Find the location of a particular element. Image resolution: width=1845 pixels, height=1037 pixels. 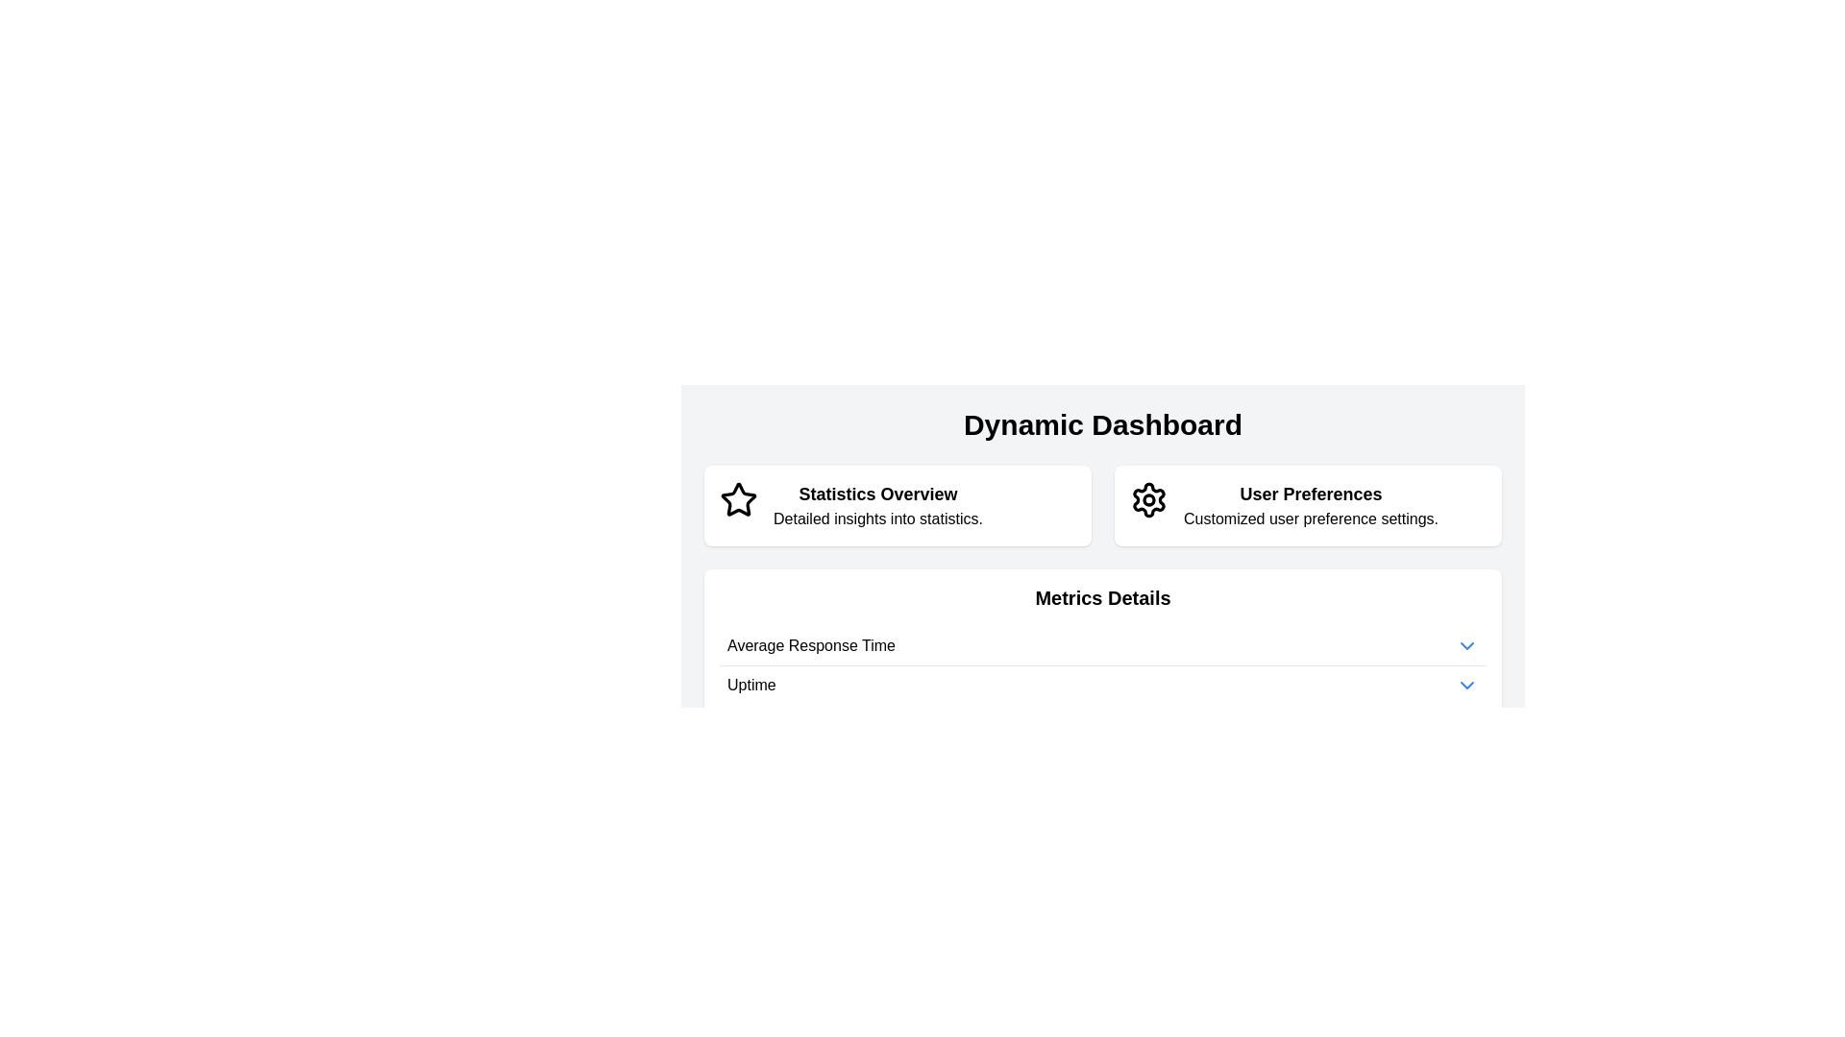

the star icon located in the center-left portion of the 'Statistics Overview' card is located at coordinates (737, 498).